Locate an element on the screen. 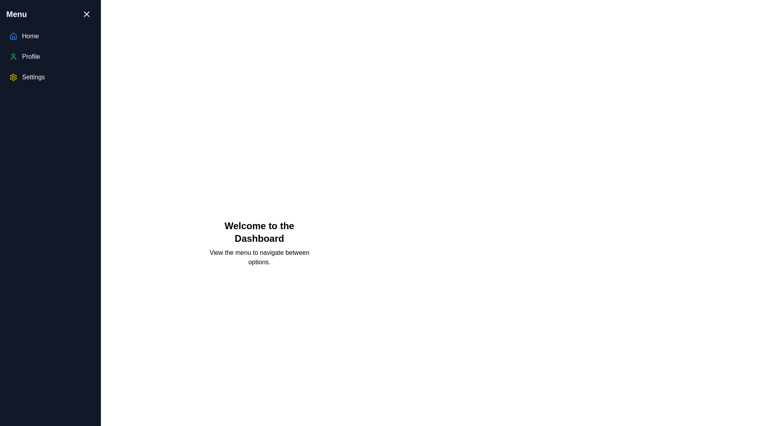  the prominent text label displaying 'Menu' in bold at the top-left corner of the sidebar panel is located at coordinates (17, 14).